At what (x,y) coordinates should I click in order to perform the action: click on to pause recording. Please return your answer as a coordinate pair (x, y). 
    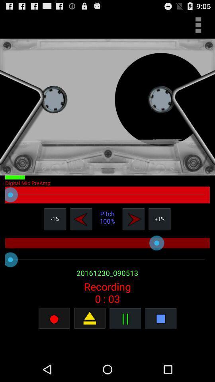
    Looking at the image, I should click on (125, 318).